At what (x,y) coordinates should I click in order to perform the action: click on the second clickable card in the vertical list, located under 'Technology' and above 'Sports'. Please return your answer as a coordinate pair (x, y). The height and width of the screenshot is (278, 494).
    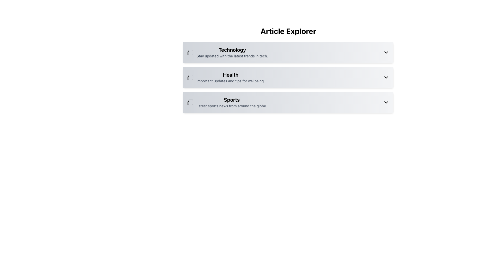
    Looking at the image, I should click on (288, 77).